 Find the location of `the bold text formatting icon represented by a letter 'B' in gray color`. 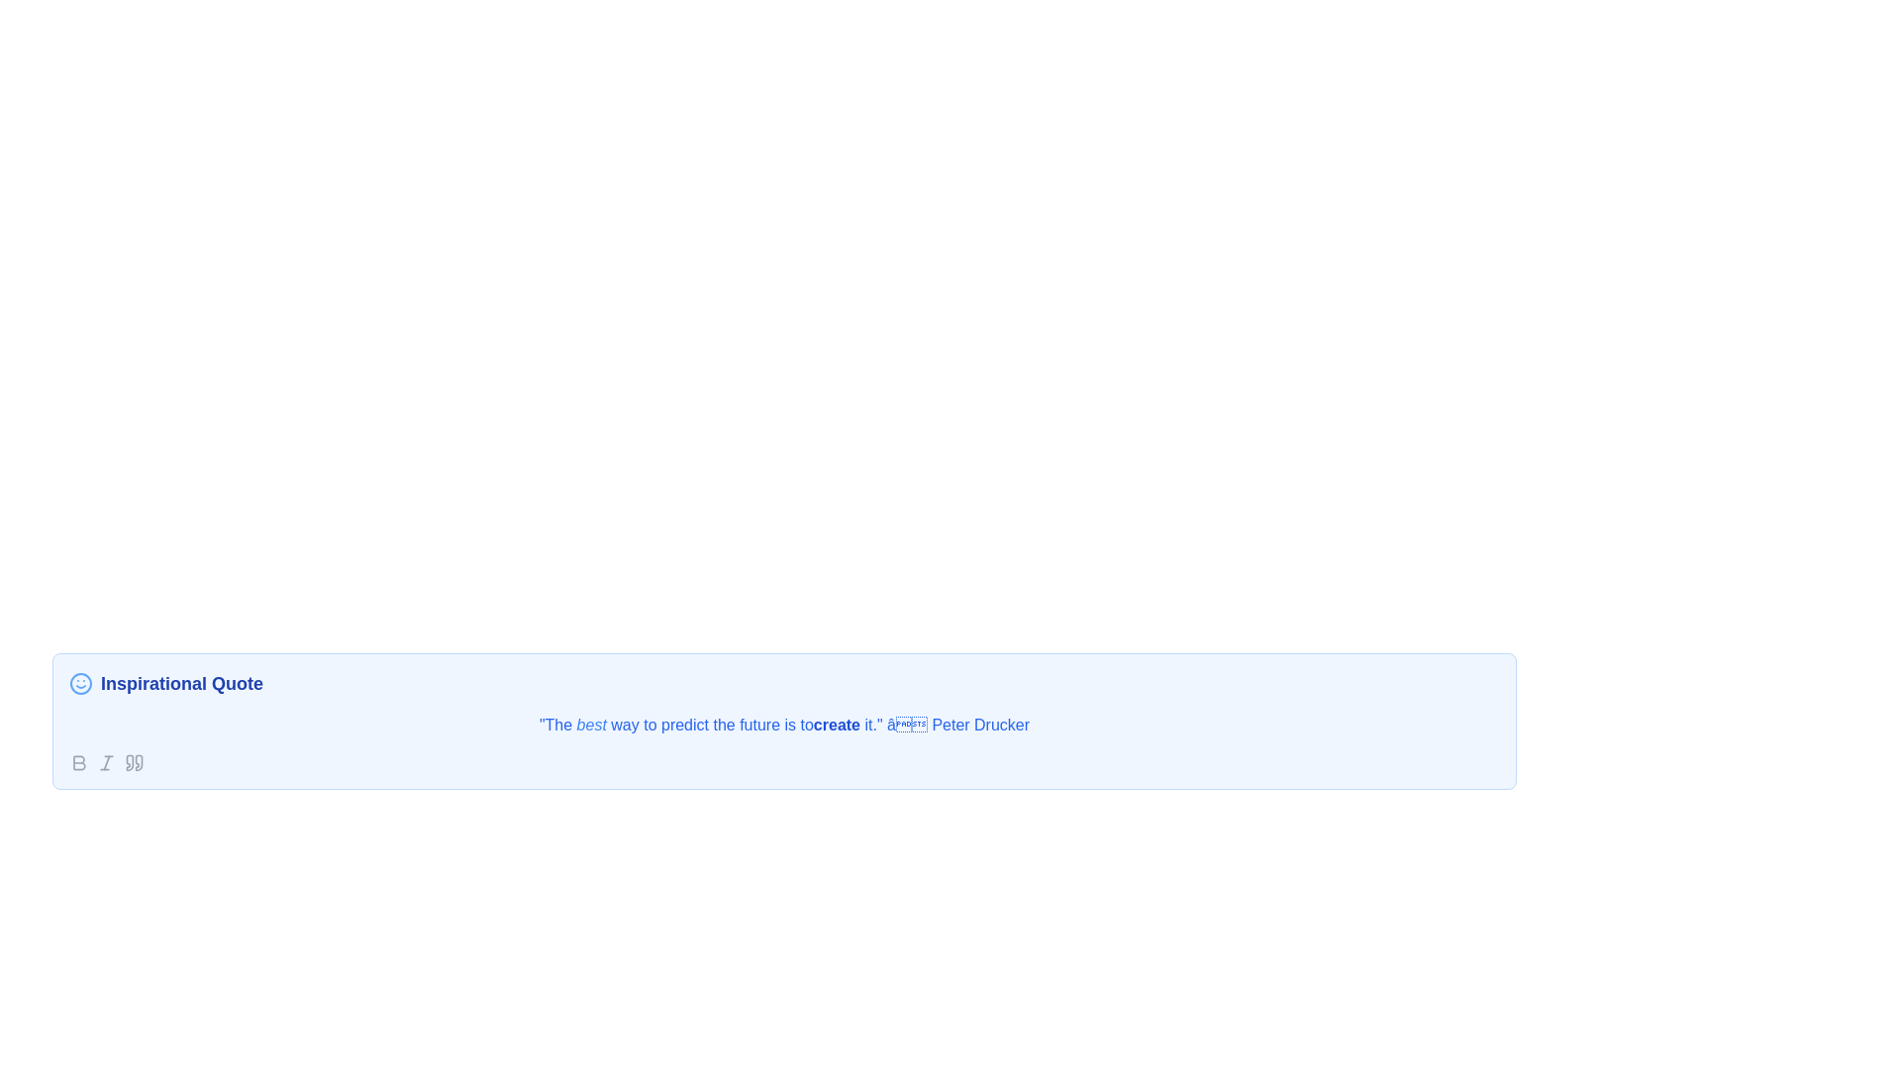

the bold text formatting icon represented by a letter 'B' in gray color is located at coordinates (79, 762).